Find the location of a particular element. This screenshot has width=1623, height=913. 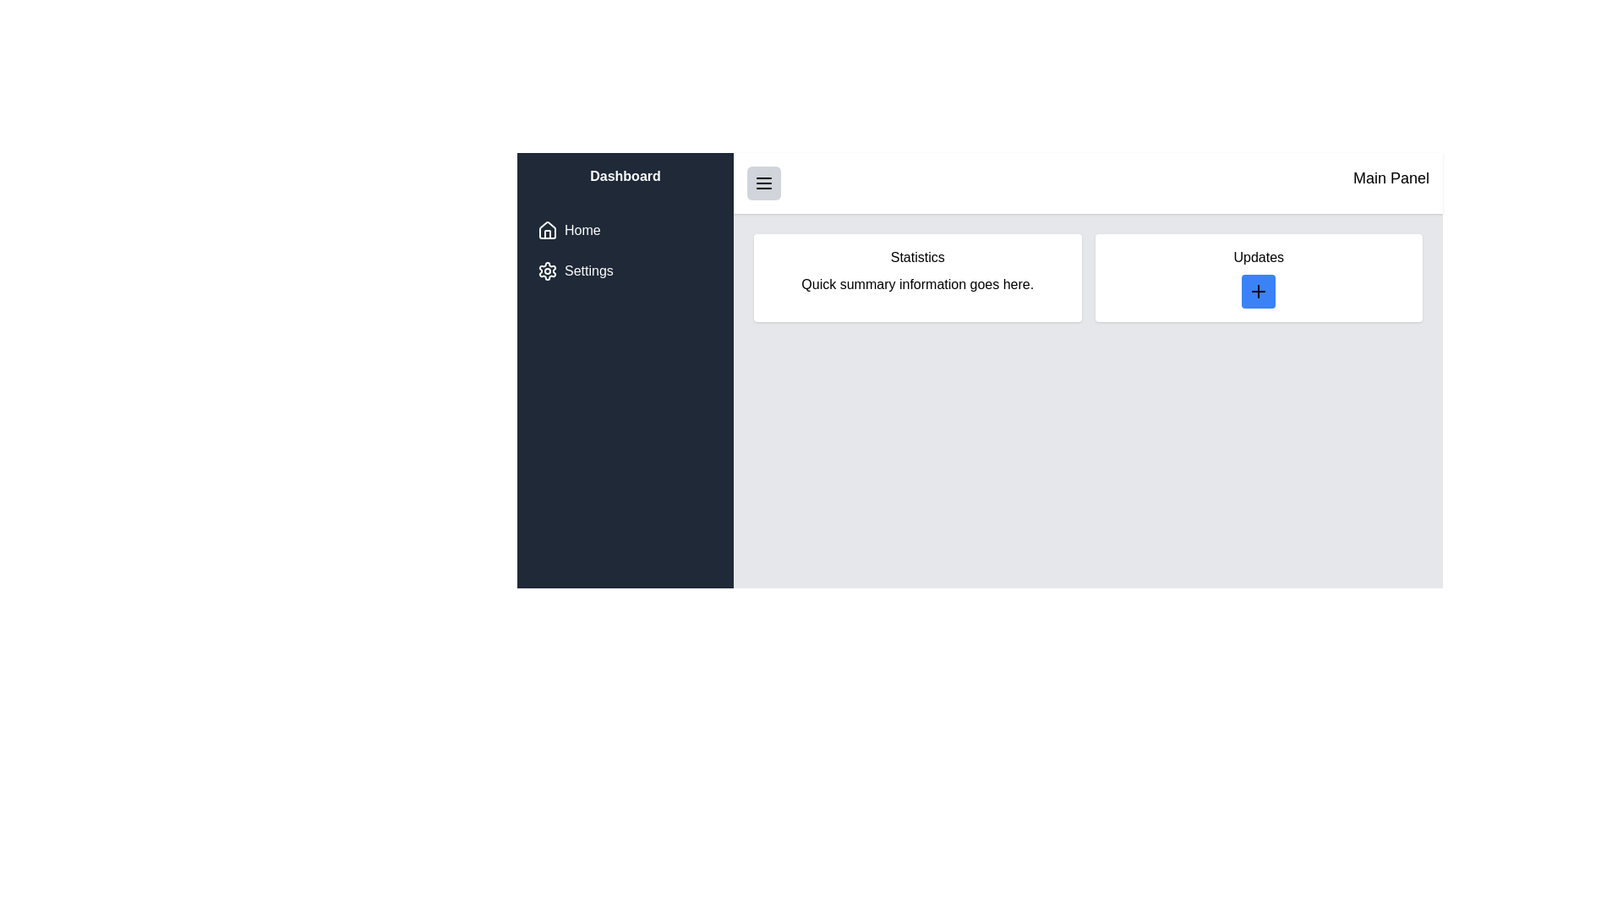

the blue circular button with a plus (+) icon located within the 'Updates' card component on the right side of the two-card layout is located at coordinates (1259, 276).